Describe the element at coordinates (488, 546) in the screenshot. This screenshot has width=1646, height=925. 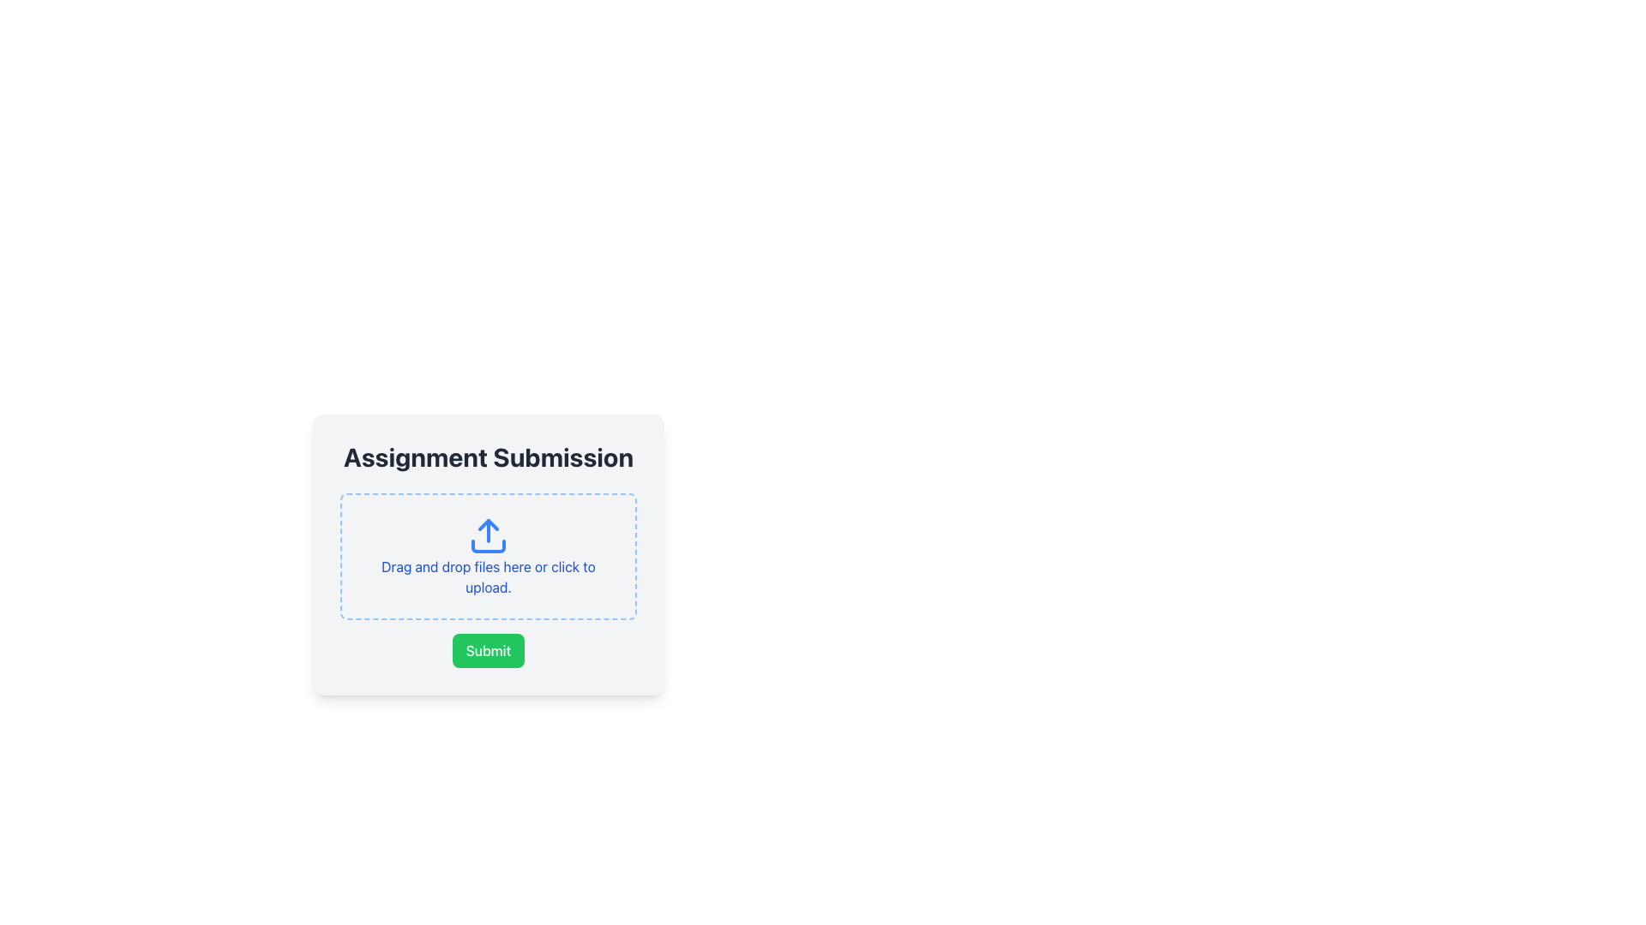
I see `the decorative graphical element at the bottom of the upload icon, which is part of the dashed rectangular area labeled 'Drag and drop files here or click to upload'` at that location.